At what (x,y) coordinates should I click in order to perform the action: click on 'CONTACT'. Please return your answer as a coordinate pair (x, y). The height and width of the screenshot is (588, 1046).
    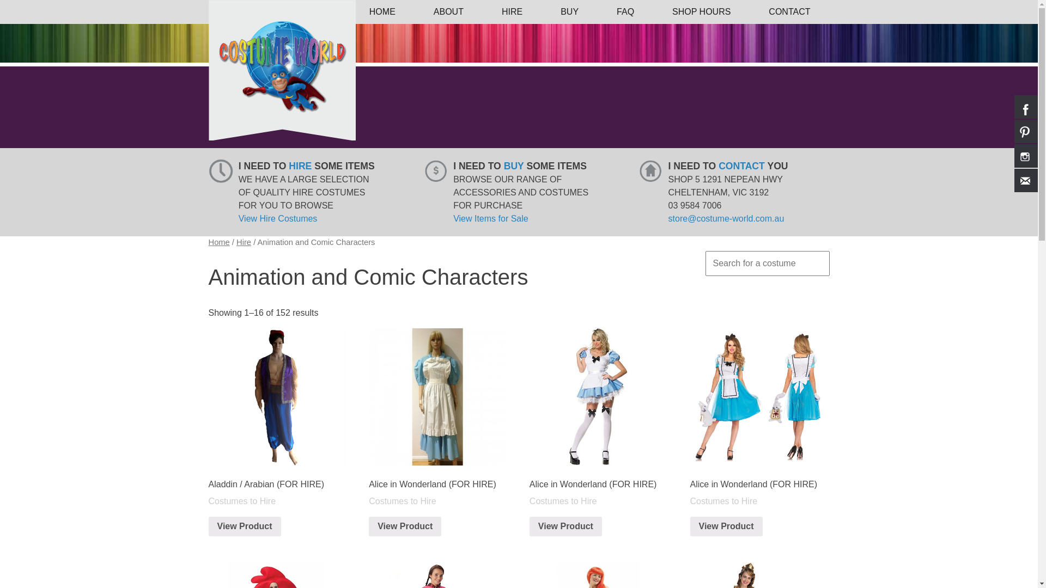
    Looking at the image, I should click on (789, 12).